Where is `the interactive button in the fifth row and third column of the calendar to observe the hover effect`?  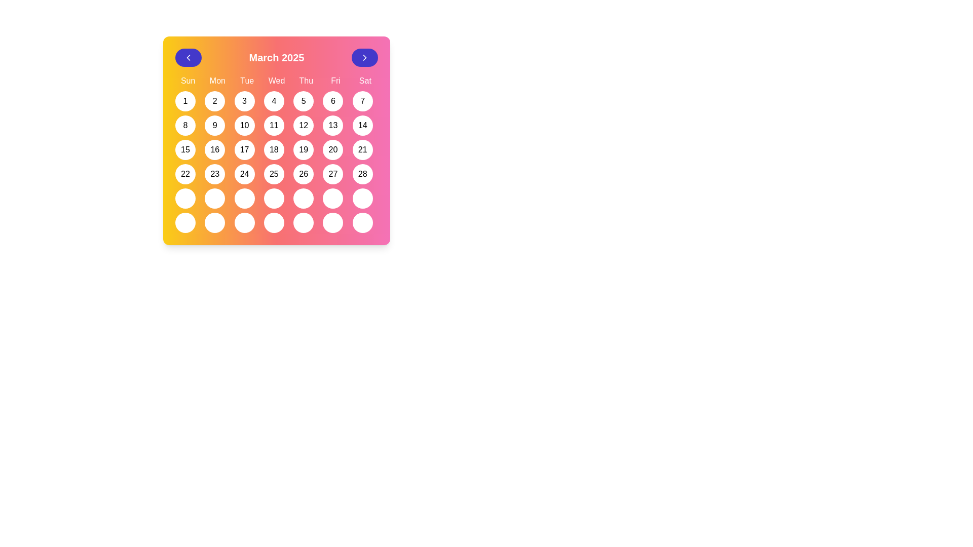
the interactive button in the fifth row and third column of the calendar to observe the hover effect is located at coordinates (244, 199).